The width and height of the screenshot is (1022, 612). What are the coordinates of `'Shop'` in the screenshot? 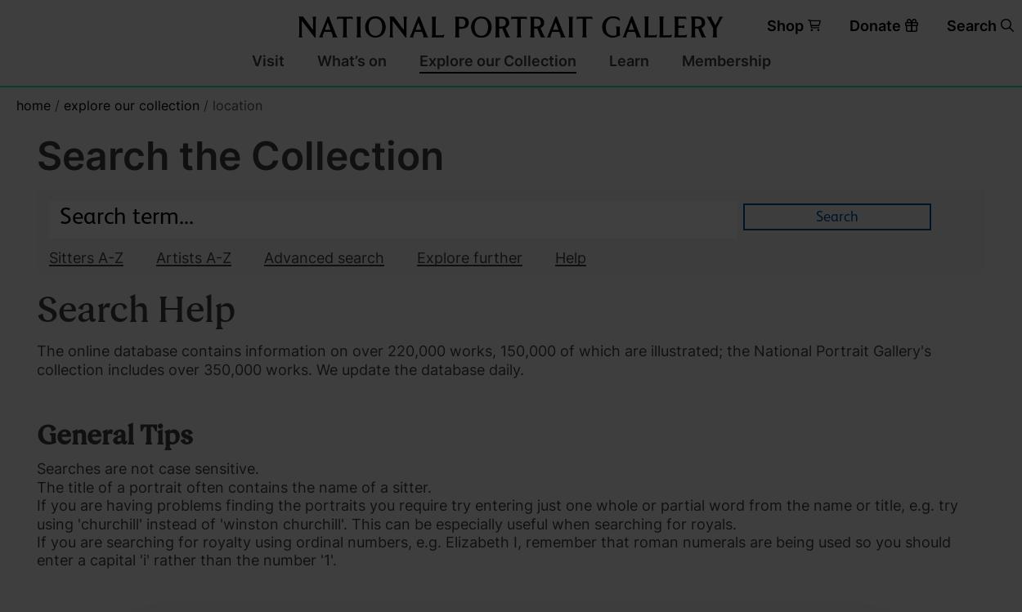 It's located at (784, 25).